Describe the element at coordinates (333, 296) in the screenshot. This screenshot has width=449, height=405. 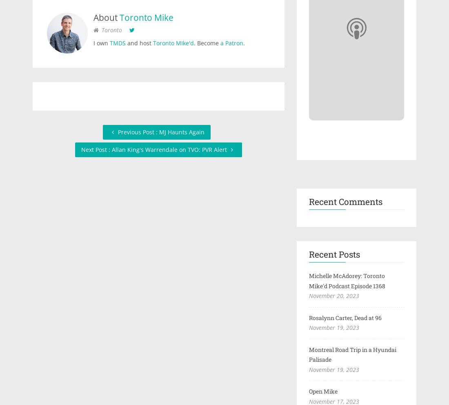
I see `'November 20, 2023'` at that location.